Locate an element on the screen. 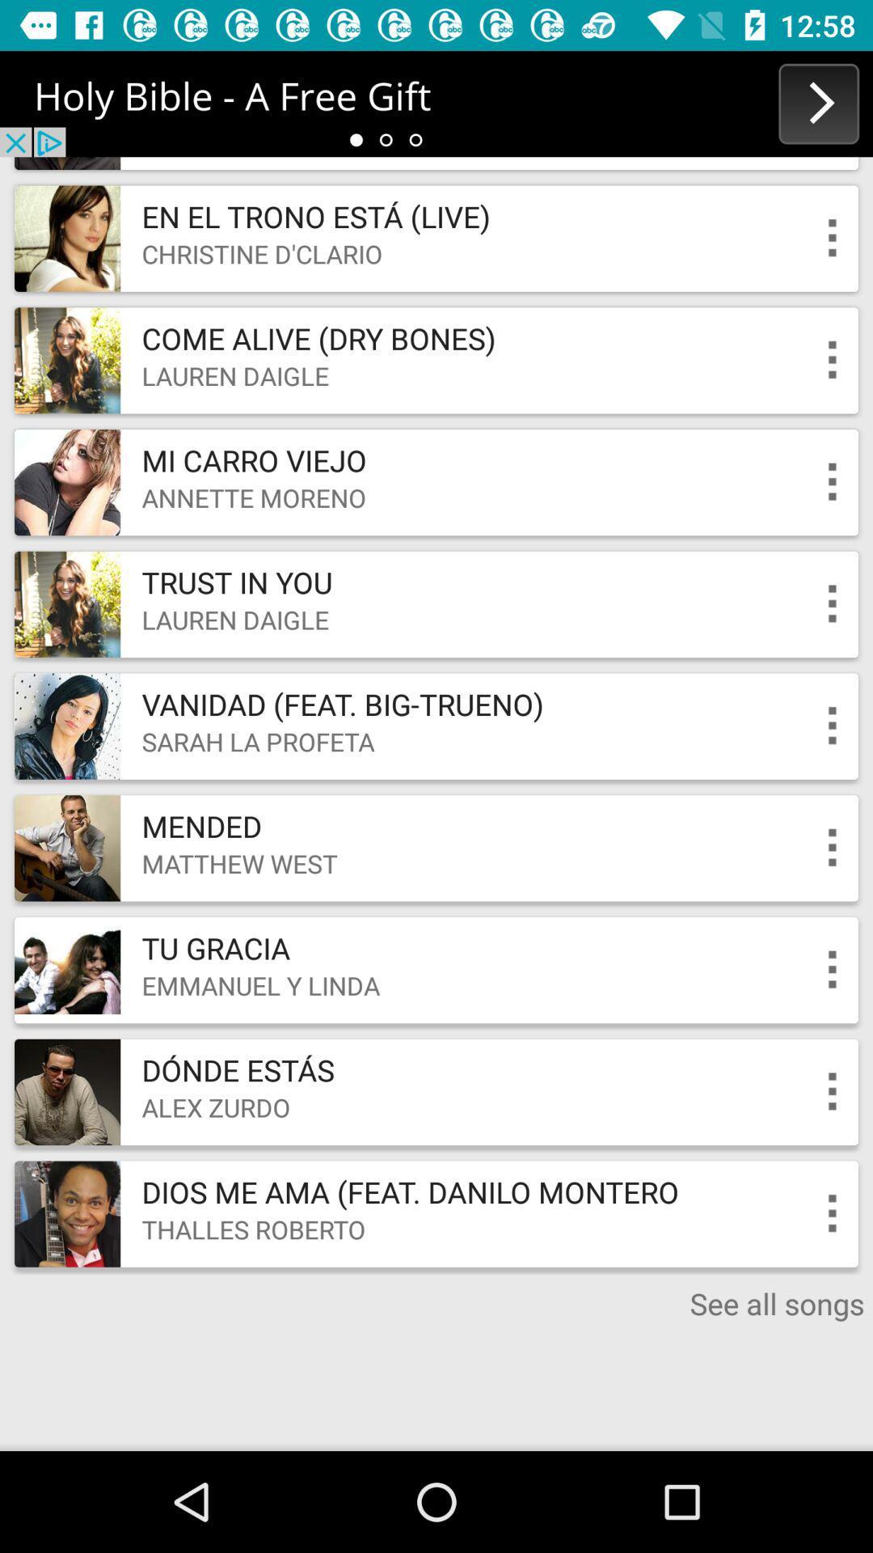 This screenshot has width=873, height=1553. option button front of text alex zurdo is located at coordinates (833, 1092).